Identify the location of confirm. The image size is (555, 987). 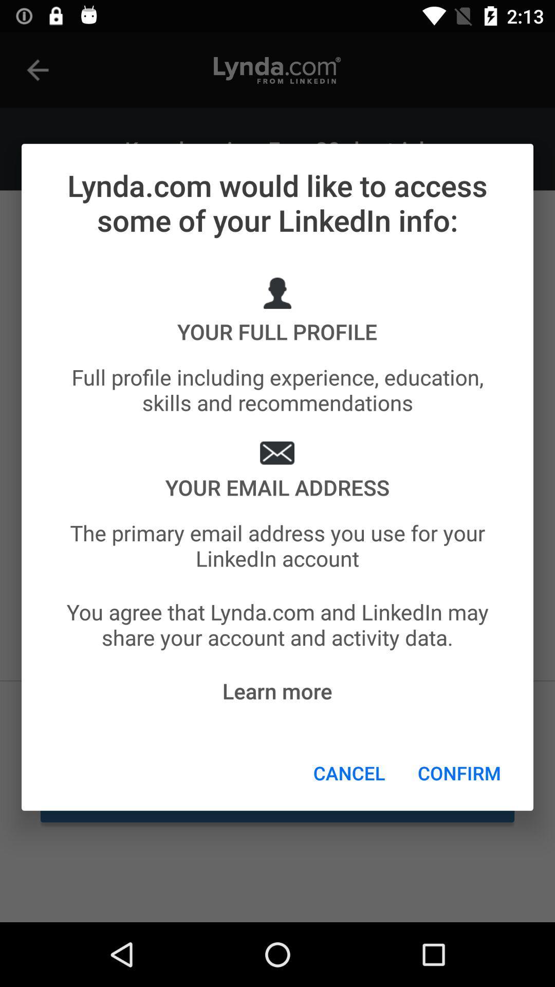
(459, 773).